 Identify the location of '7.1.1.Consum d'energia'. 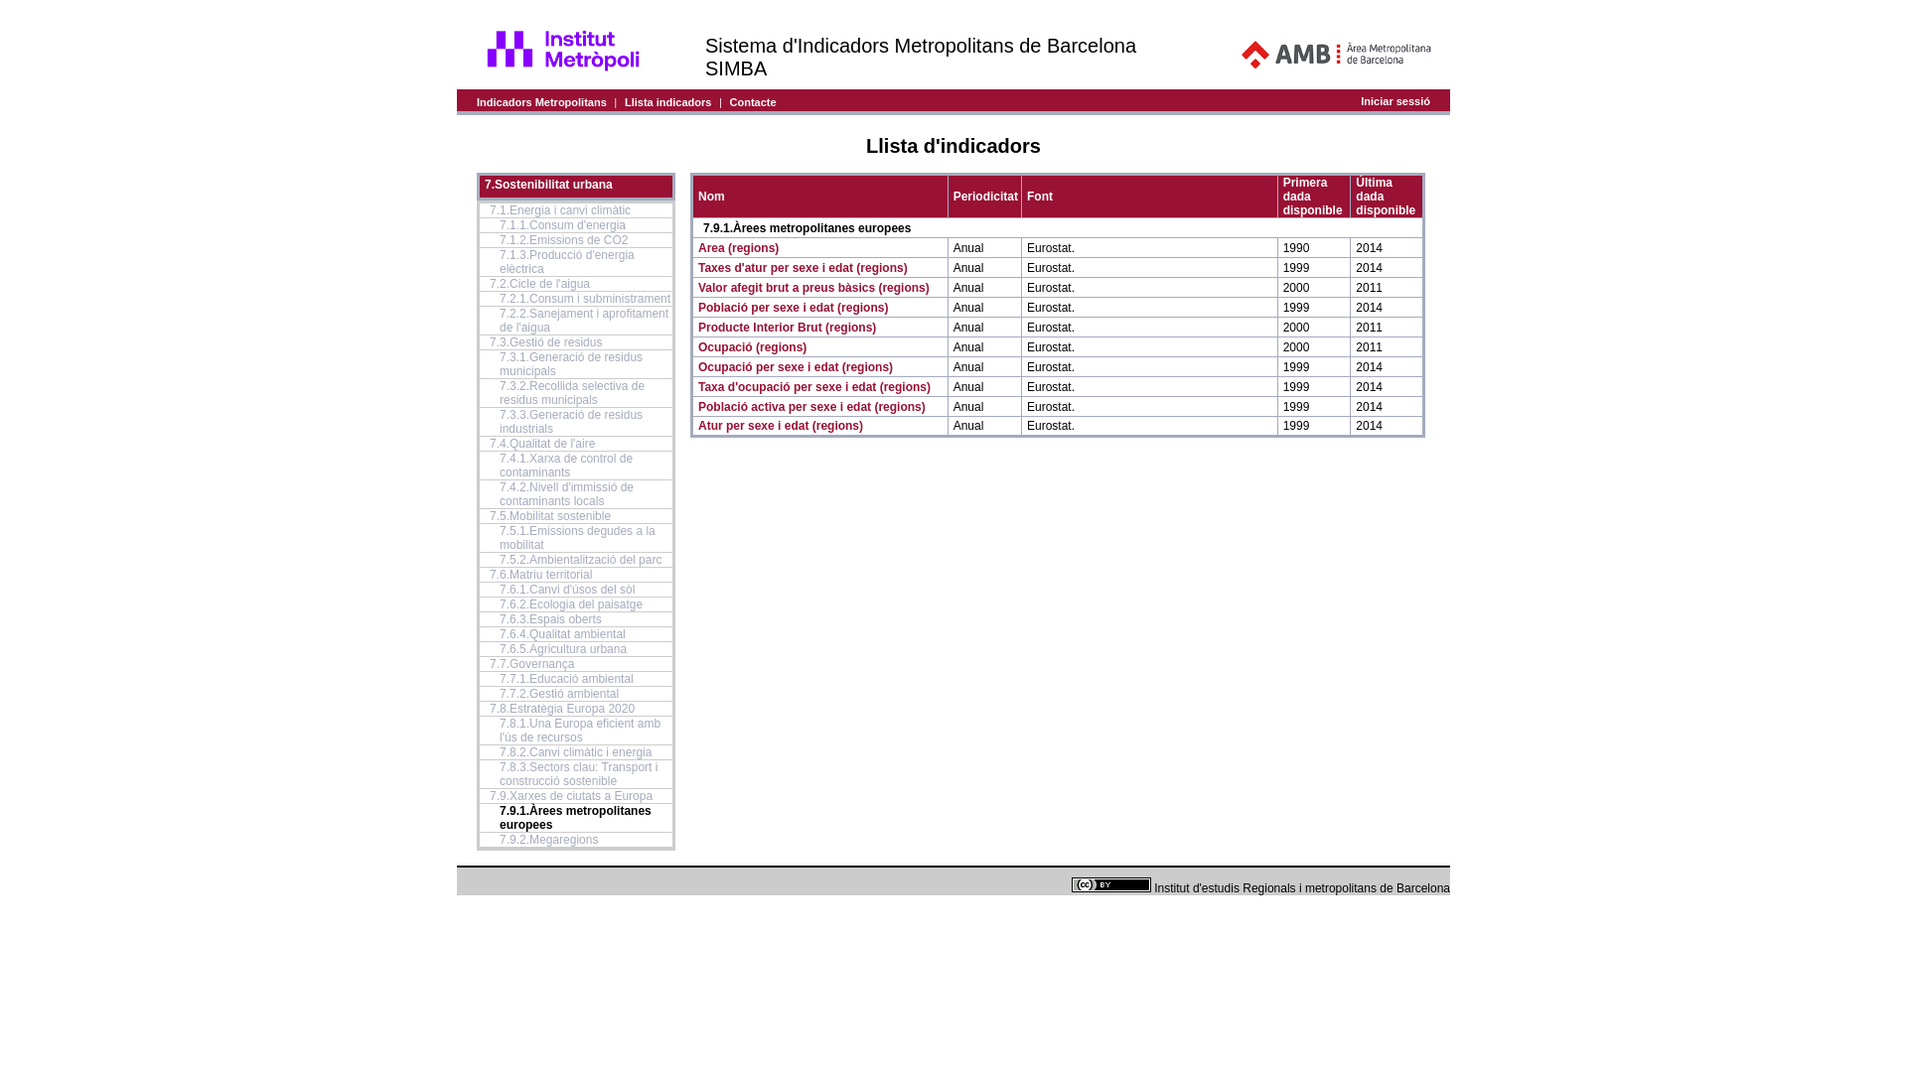
(561, 224).